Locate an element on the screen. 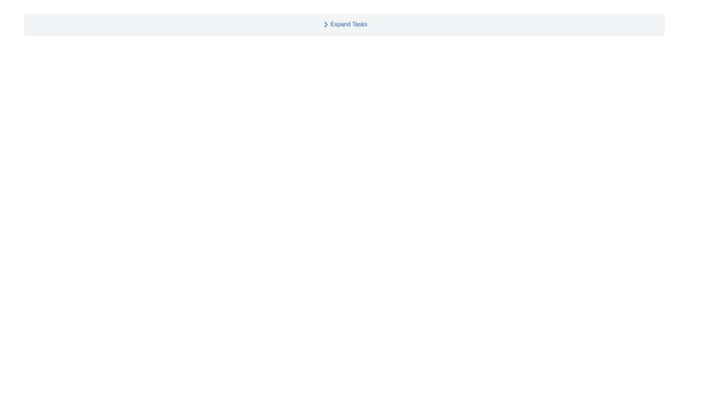 Image resolution: width=713 pixels, height=401 pixels. the button-like interactive label for the 'Tasks' section is located at coordinates (344, 24).